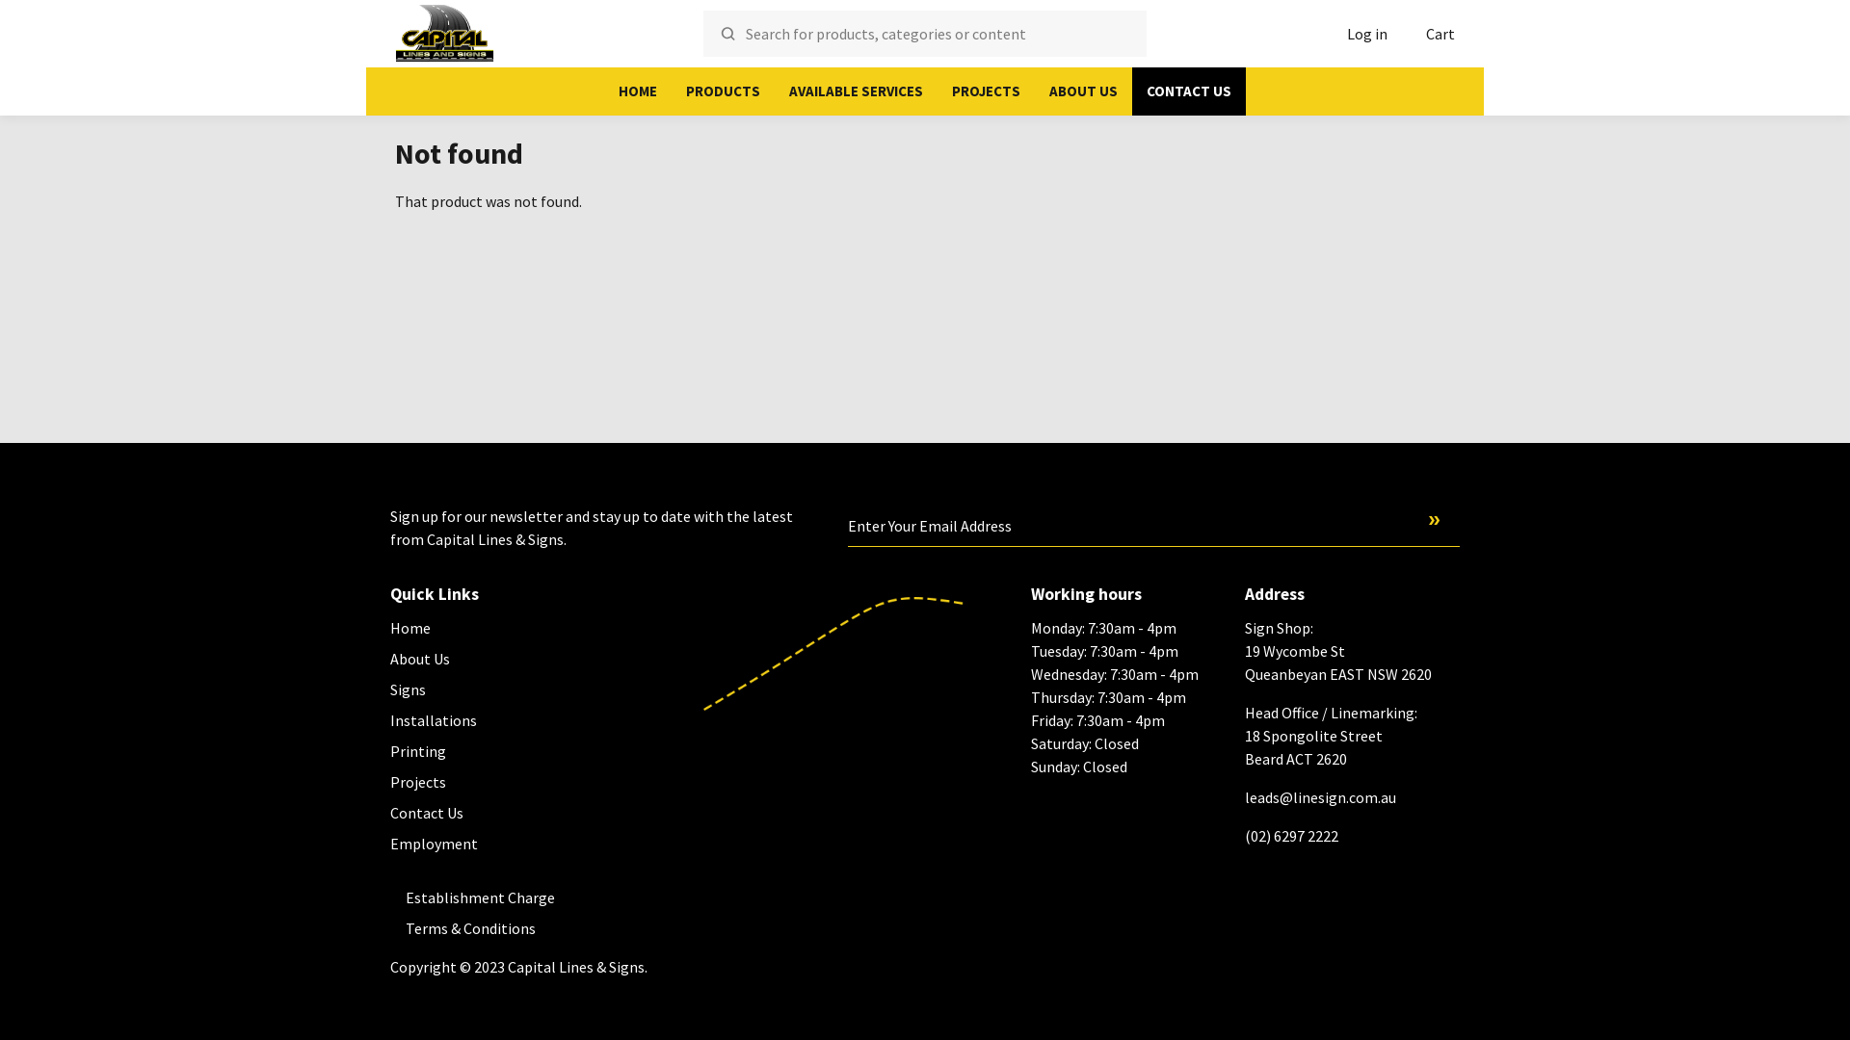 The height and width of the screenshot is (1040, 1850). Describe the element at coordinates (638, 91) in the screenshot. I see `'HOME'` at that location.